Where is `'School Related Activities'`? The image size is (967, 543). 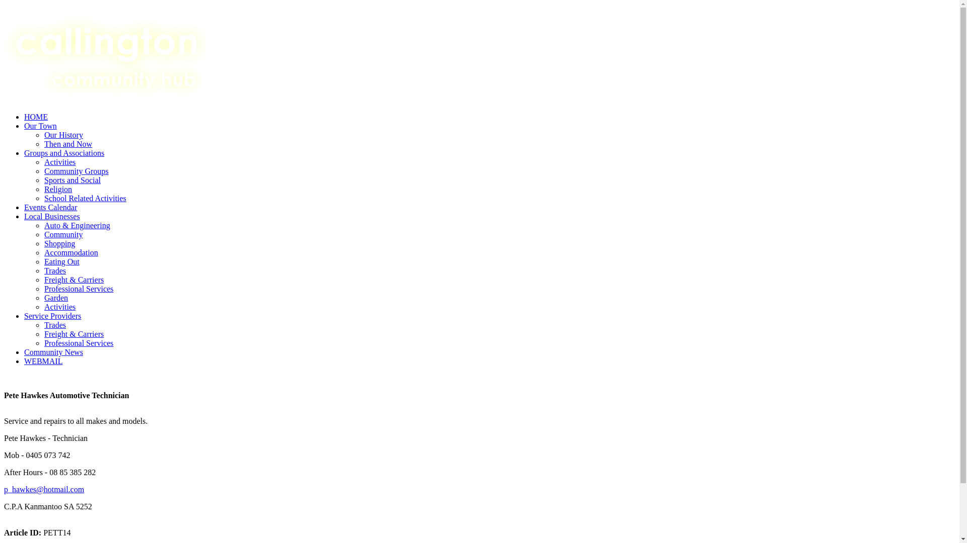
'School Related Activities' is located at coordinates (85, 198).